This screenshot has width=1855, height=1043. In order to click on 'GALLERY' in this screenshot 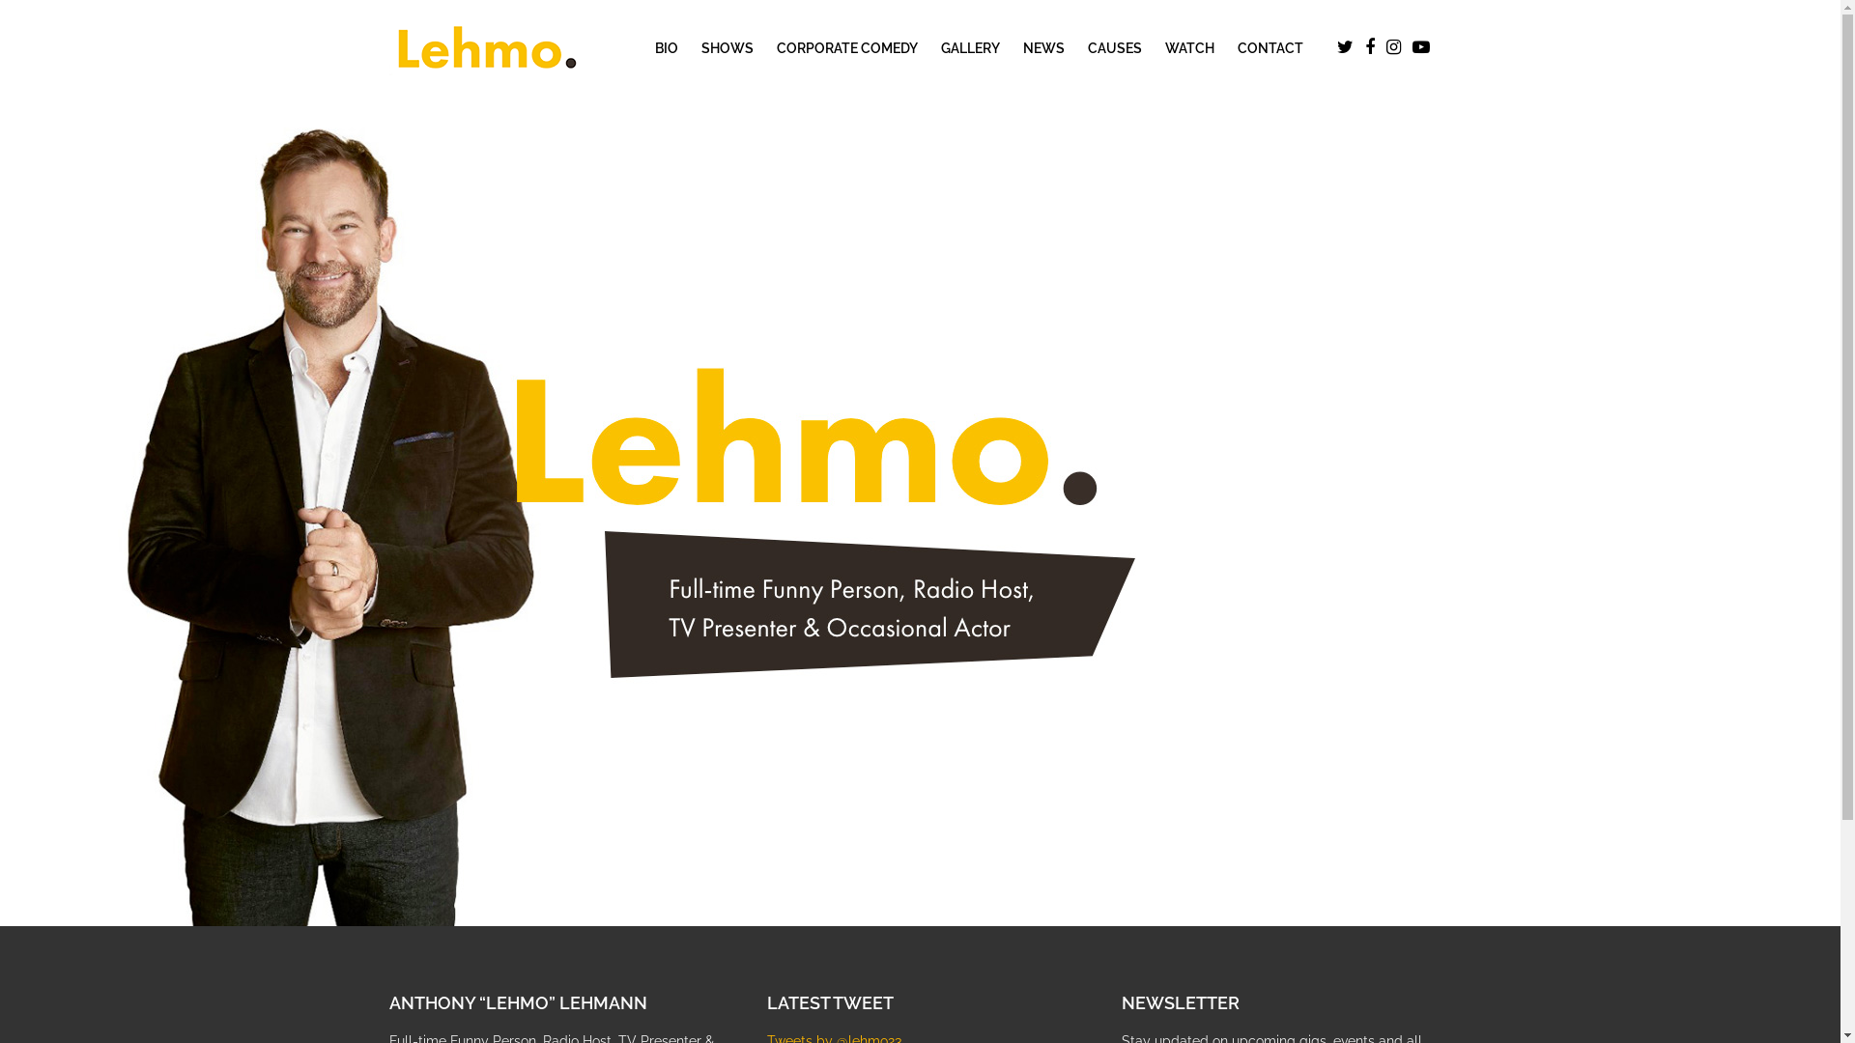, I will do `click(970, 47)`.